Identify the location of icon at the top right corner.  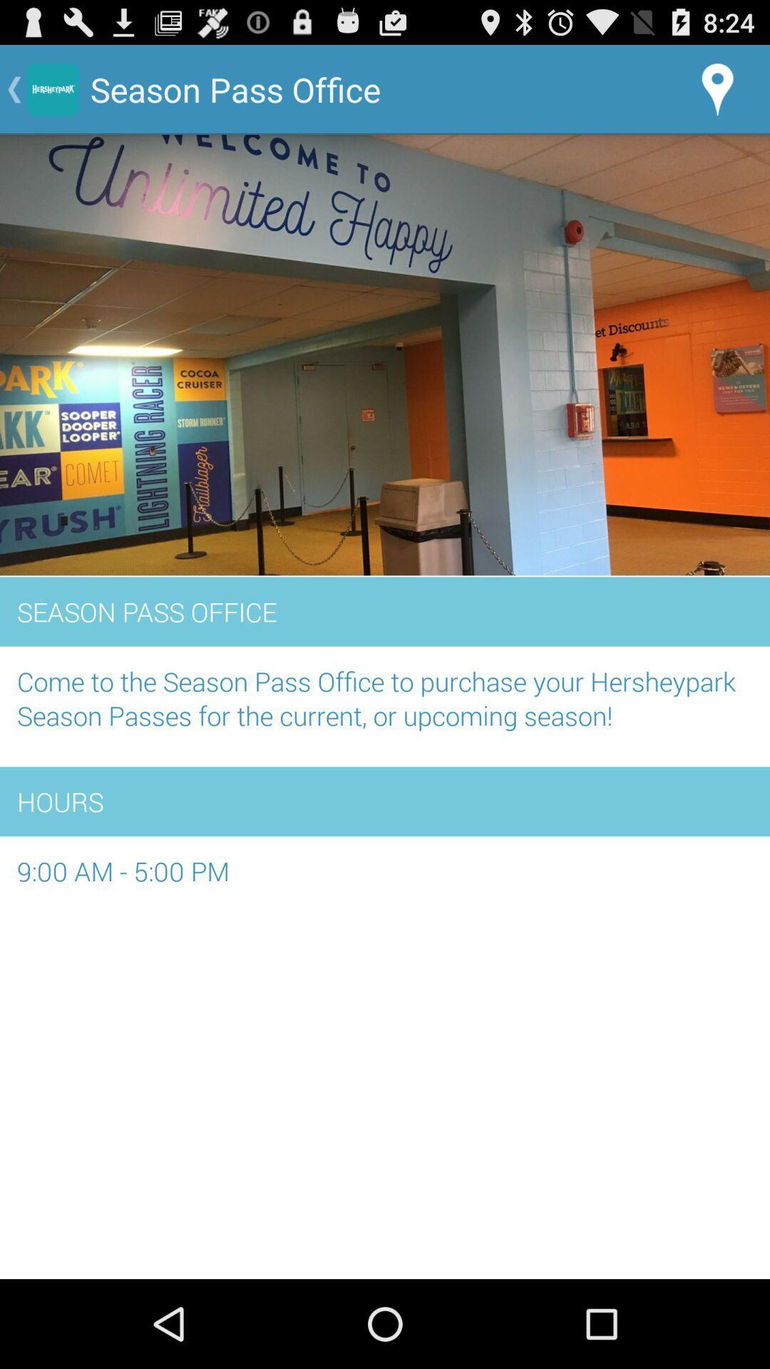
(717, 88).